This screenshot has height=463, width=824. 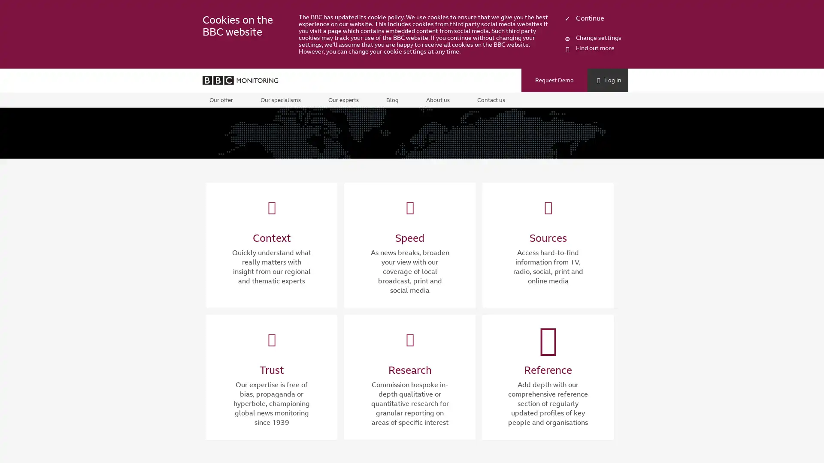 What do you see at coordinates (607, 81) in the screenshot?
I see `Log In` at bounding box center [607, 81].